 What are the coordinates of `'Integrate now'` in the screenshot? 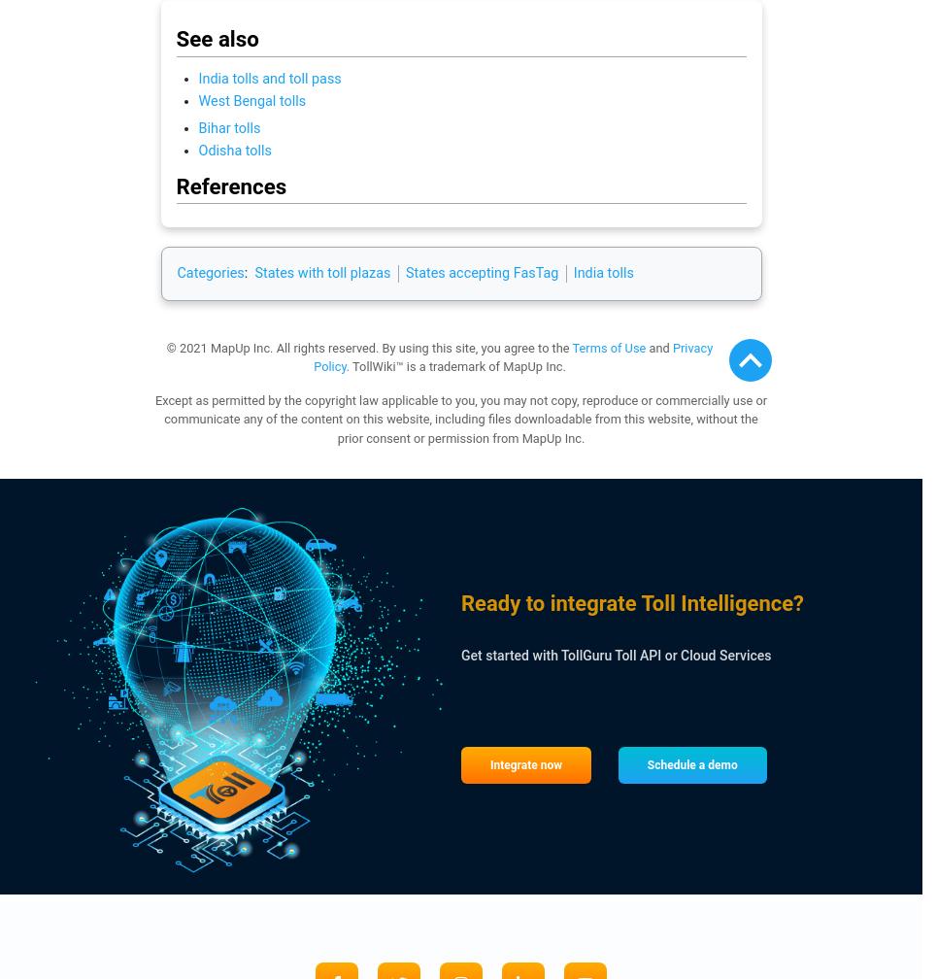 It's located at (525, 764).